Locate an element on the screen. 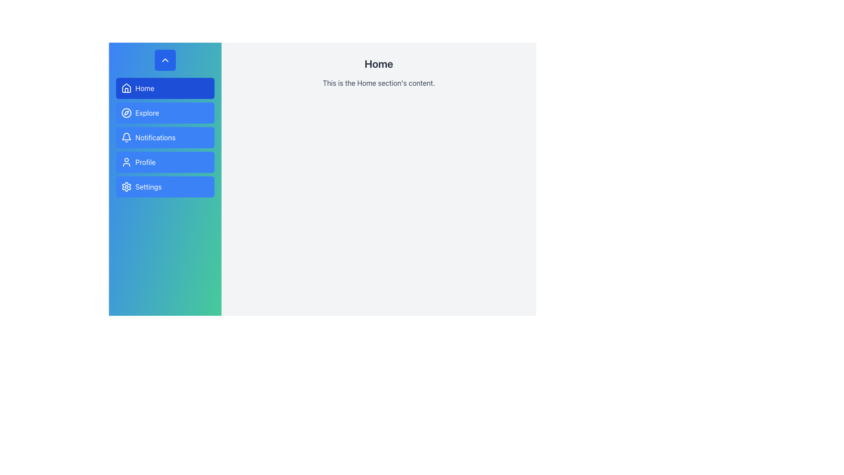  the 'Profile' text element, which is the fourth item in the vertical navigation menu, clearly displayed in bold font on a blue background, and positioned below the 'Notifications' button is located at coordinates (146, 162).